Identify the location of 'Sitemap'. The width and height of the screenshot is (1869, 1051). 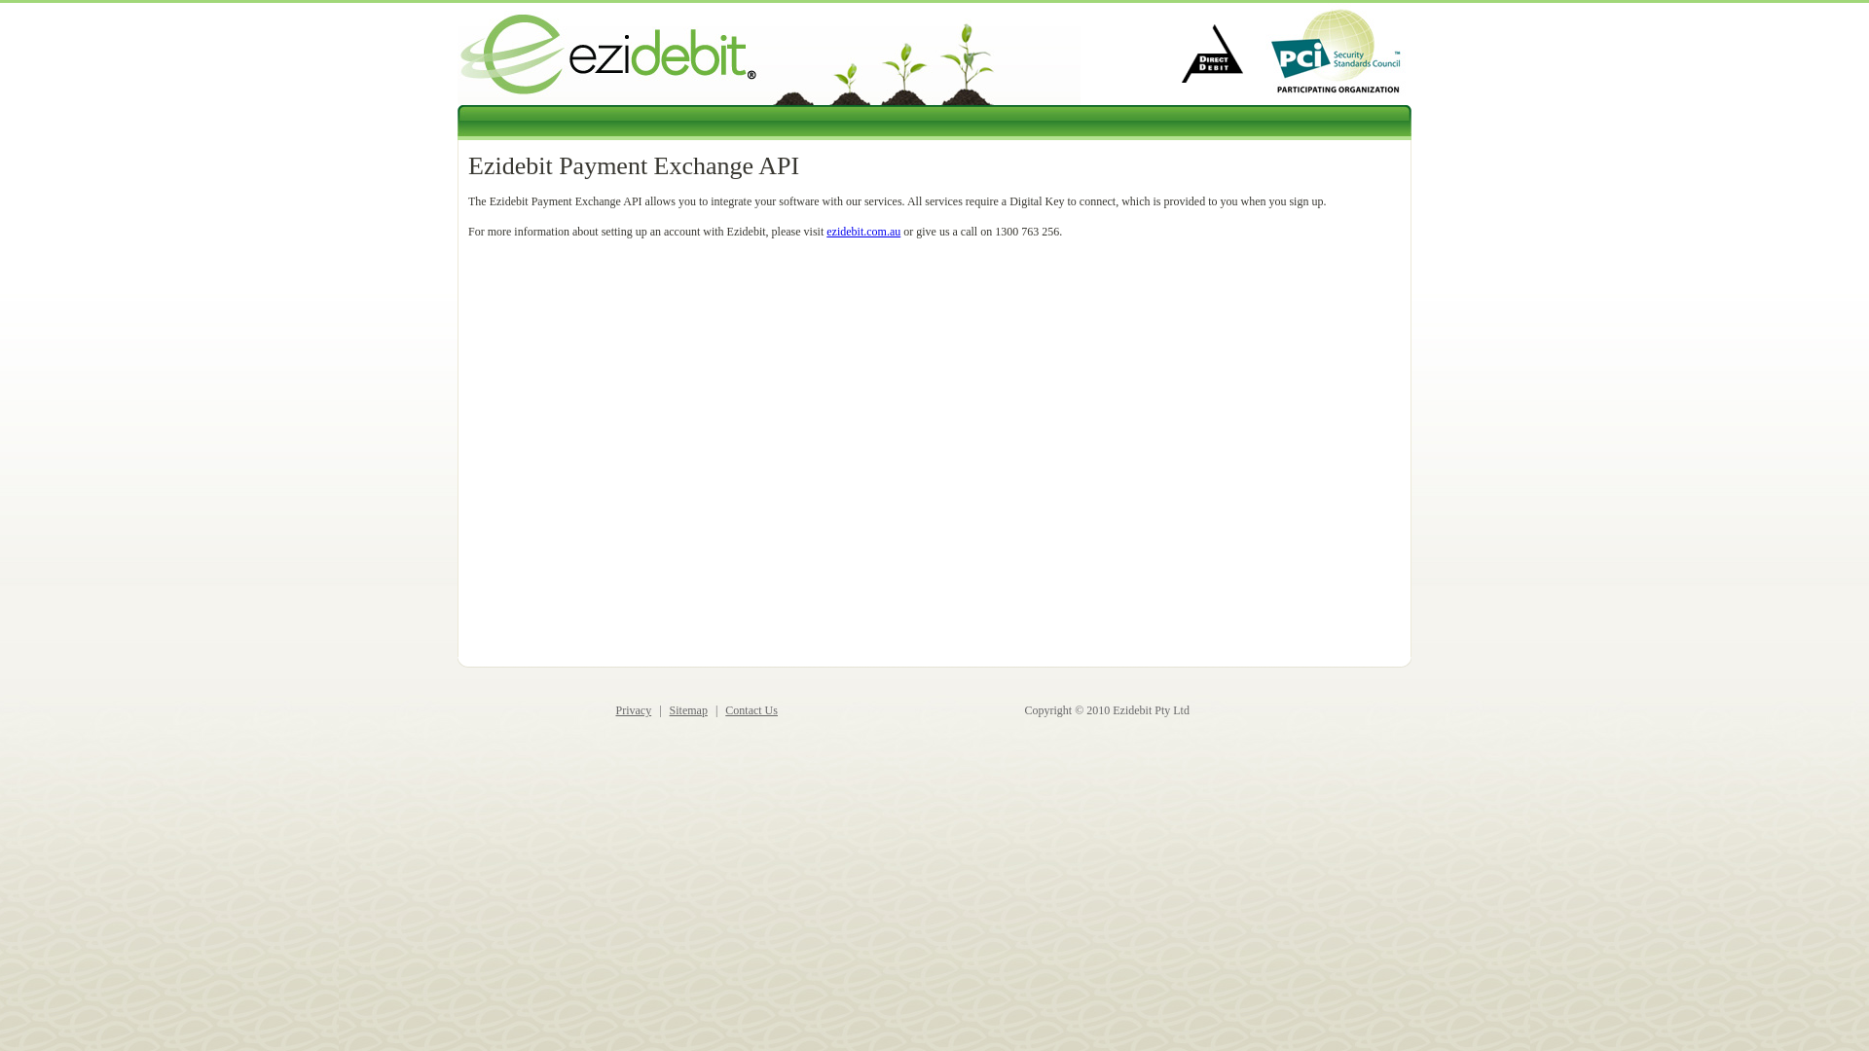
(688, 709).